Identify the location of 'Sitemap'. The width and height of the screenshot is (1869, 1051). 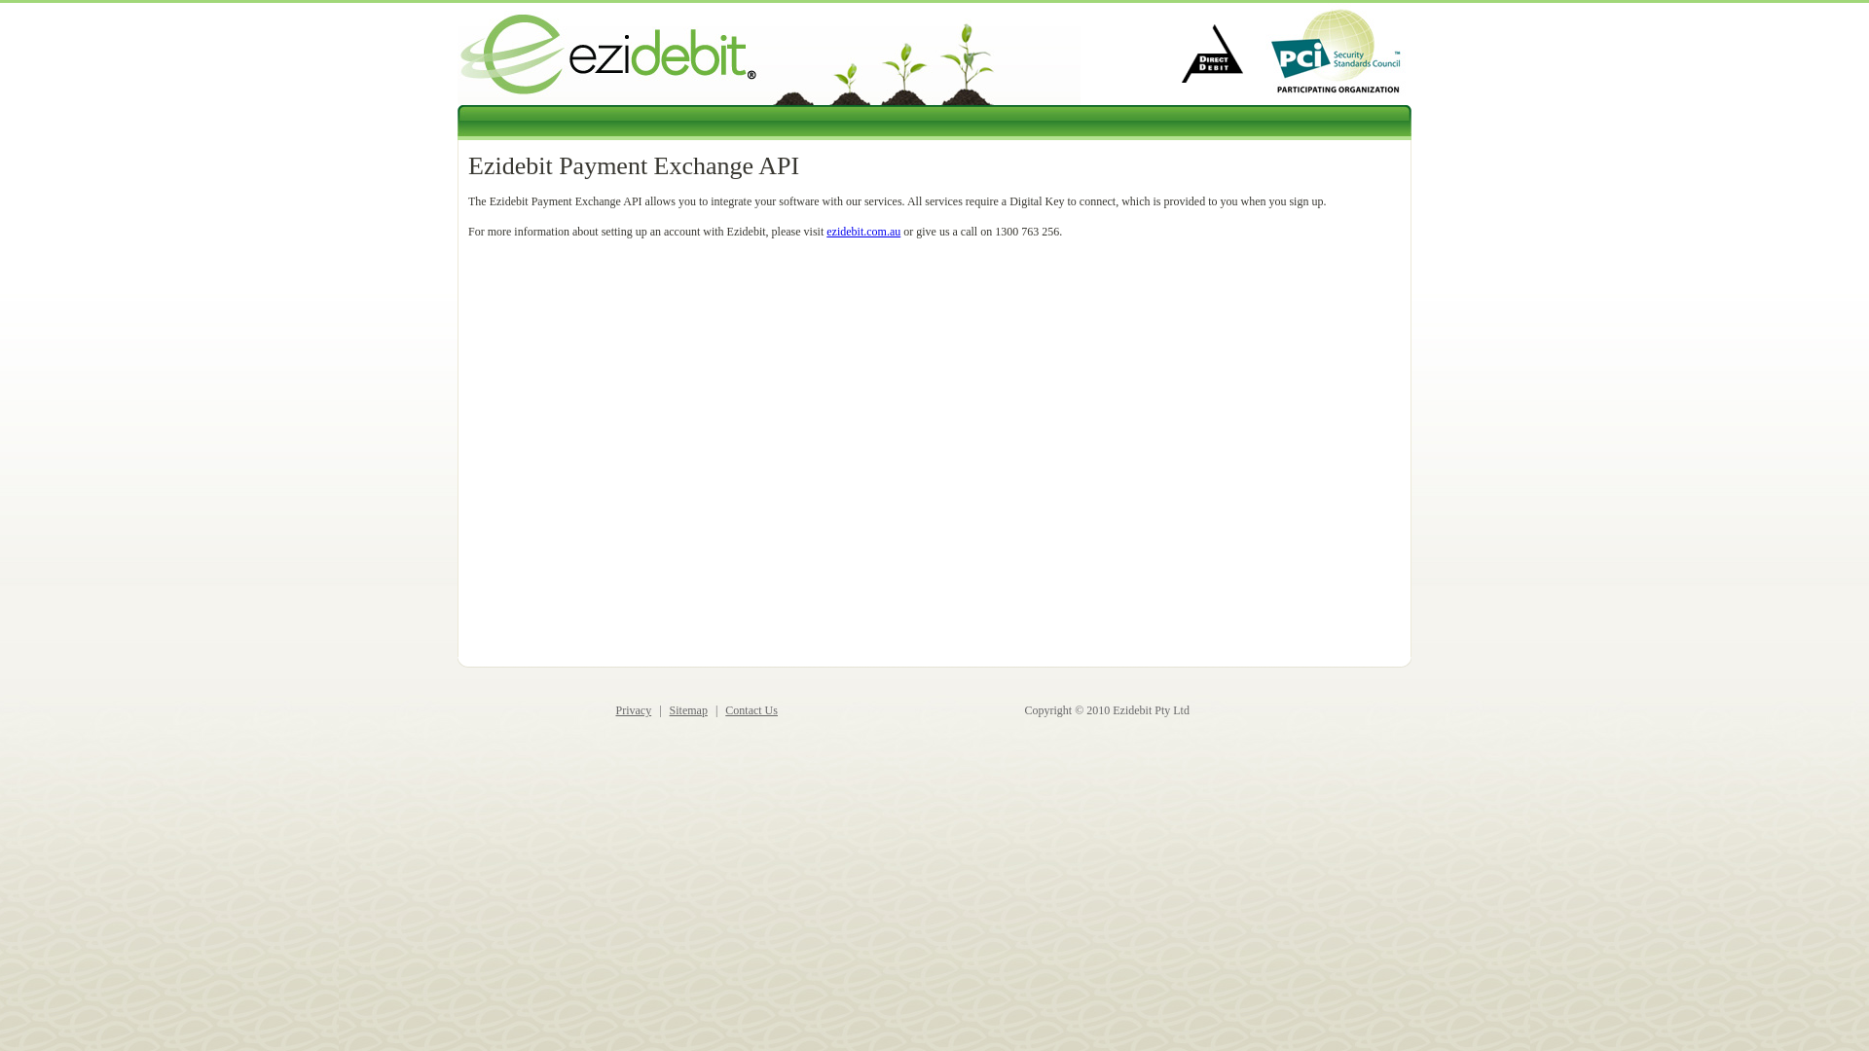
(688, 709).